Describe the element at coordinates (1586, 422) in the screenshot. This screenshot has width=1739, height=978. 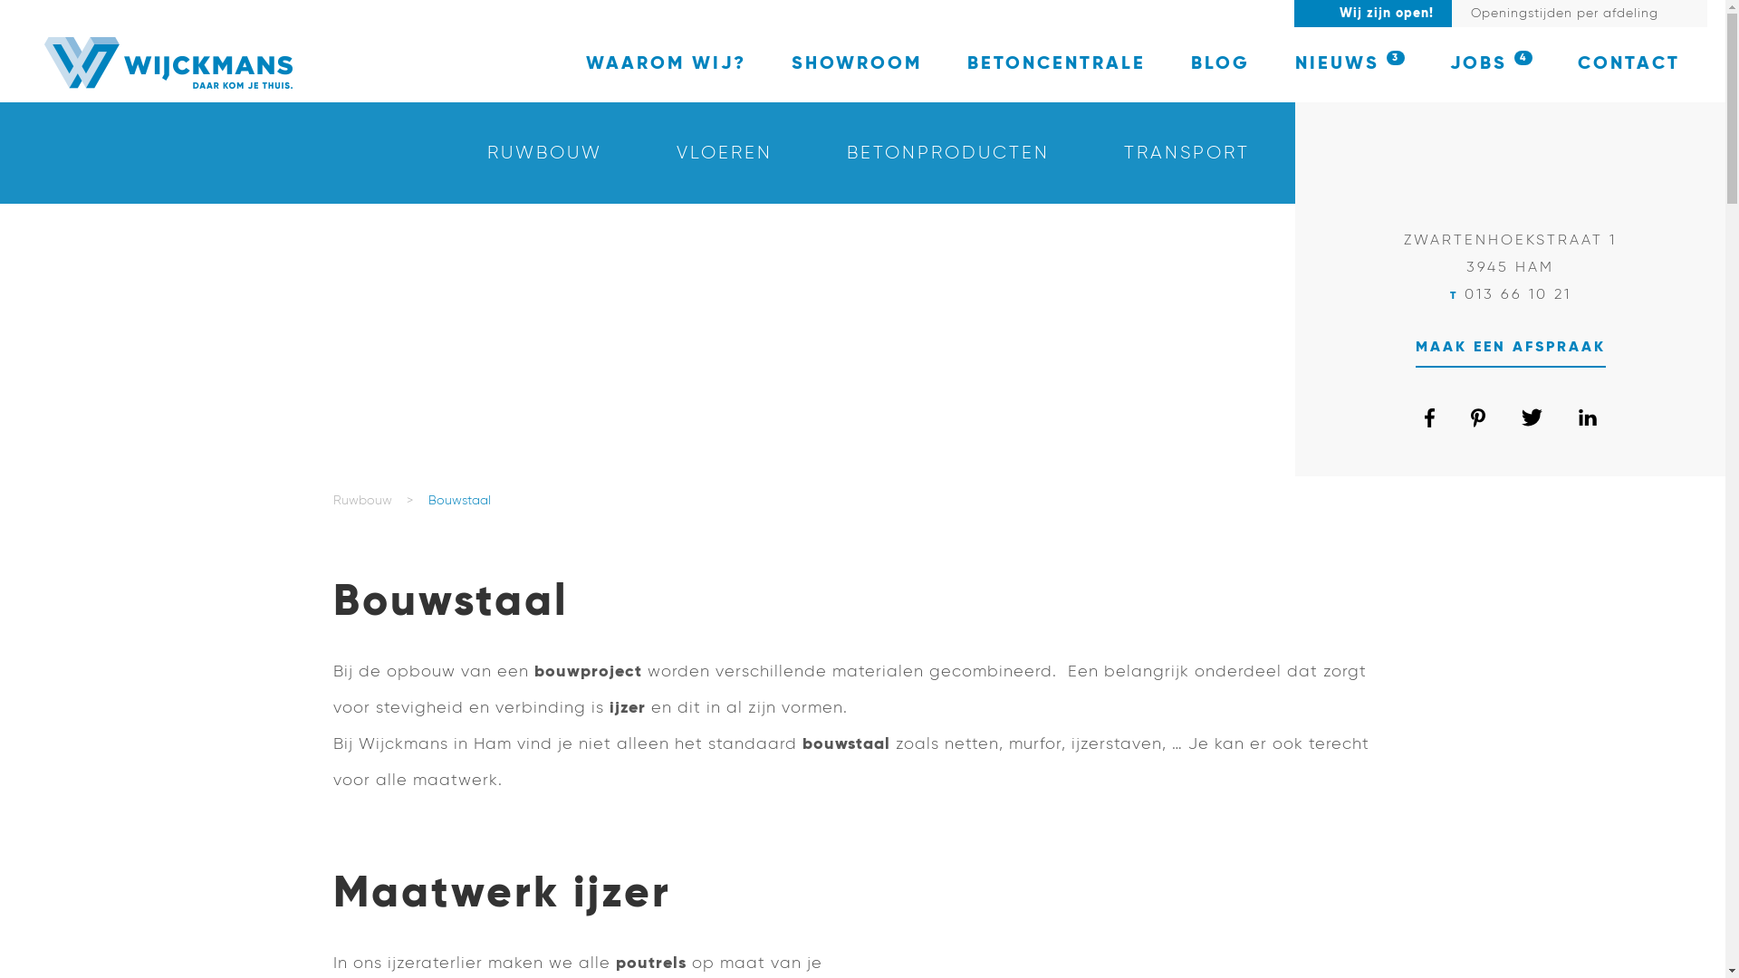
I see `'linkedin'` at that location.